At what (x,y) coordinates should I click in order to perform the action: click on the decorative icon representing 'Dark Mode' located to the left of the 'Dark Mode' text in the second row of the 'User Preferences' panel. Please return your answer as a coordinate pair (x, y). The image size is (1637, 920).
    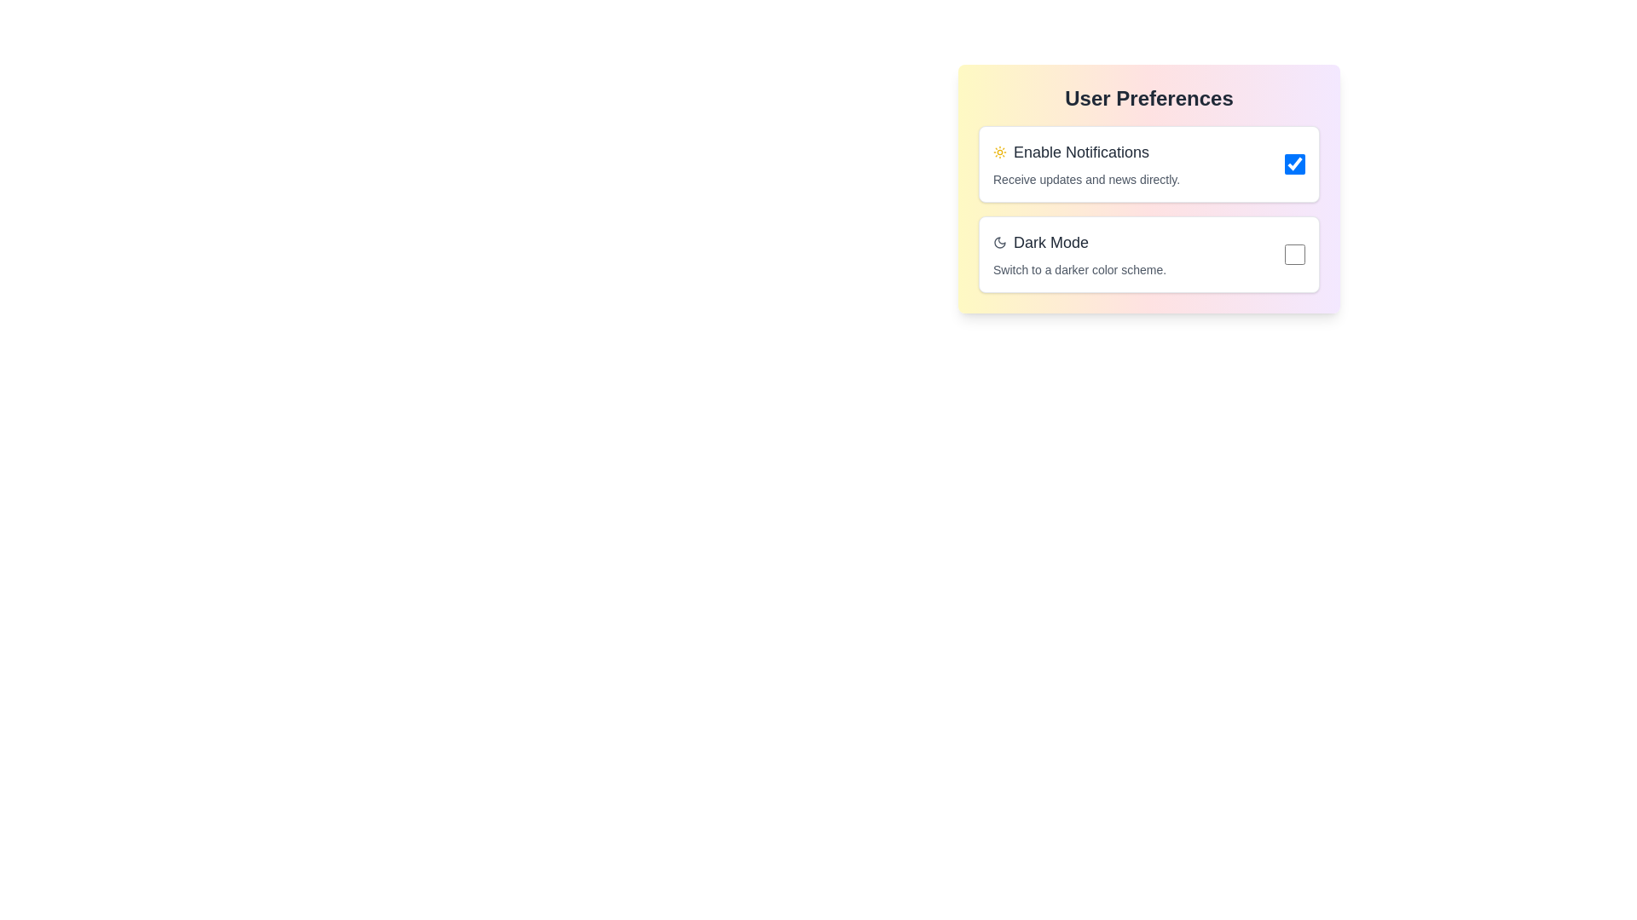
    Looking at the image, I should click on (999, 243).